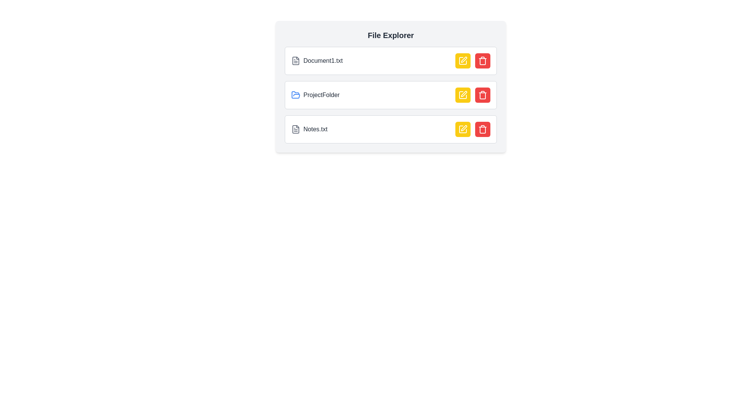  Describe the element at coordinates (463, 93) in the screenshot. I see `the leftmost yellow icon button representing the edit feature for the 'ProjectFolder'` at that location.